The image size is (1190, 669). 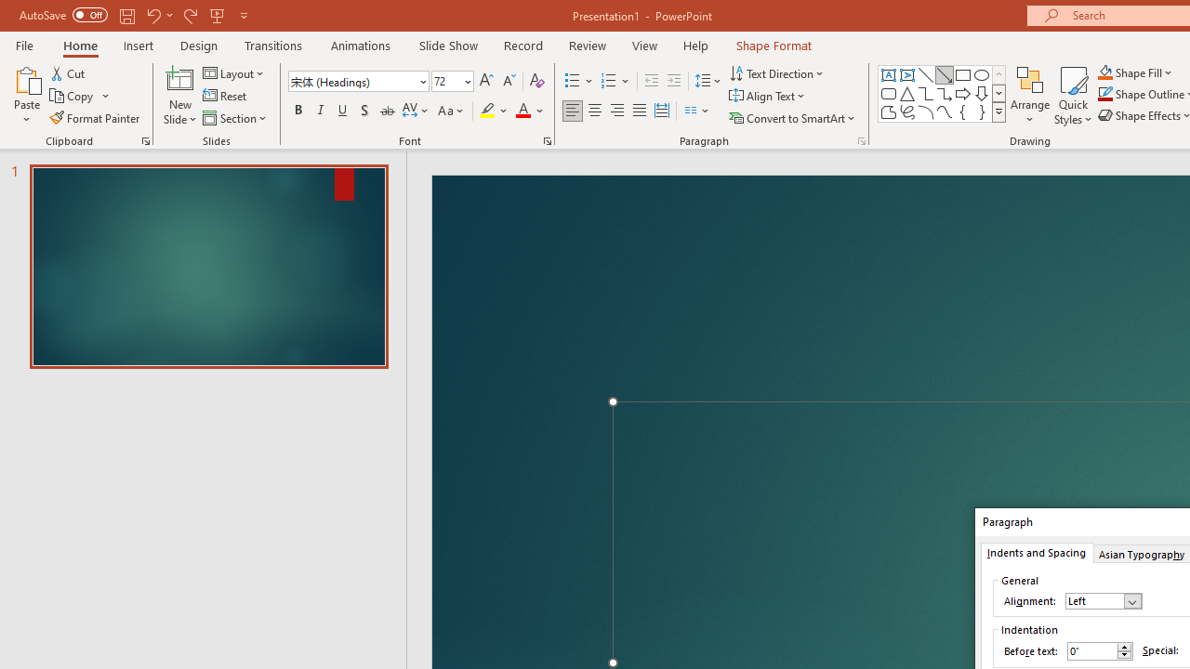 I want to click on 'Decrease Font Size', so click(x=509, y=80).